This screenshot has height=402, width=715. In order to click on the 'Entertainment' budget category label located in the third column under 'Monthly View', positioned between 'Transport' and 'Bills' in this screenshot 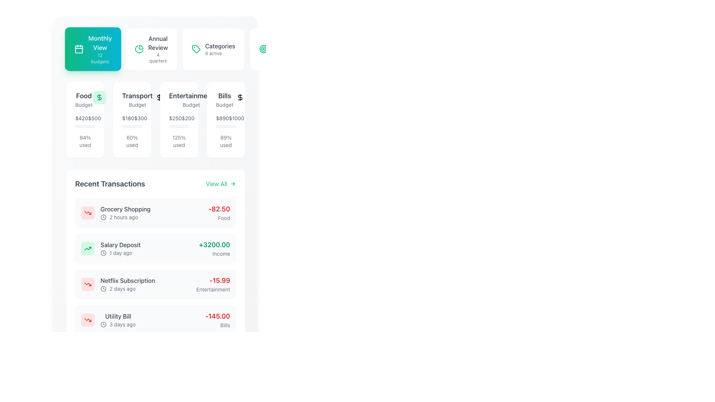, I will do `click(191, 99)`.